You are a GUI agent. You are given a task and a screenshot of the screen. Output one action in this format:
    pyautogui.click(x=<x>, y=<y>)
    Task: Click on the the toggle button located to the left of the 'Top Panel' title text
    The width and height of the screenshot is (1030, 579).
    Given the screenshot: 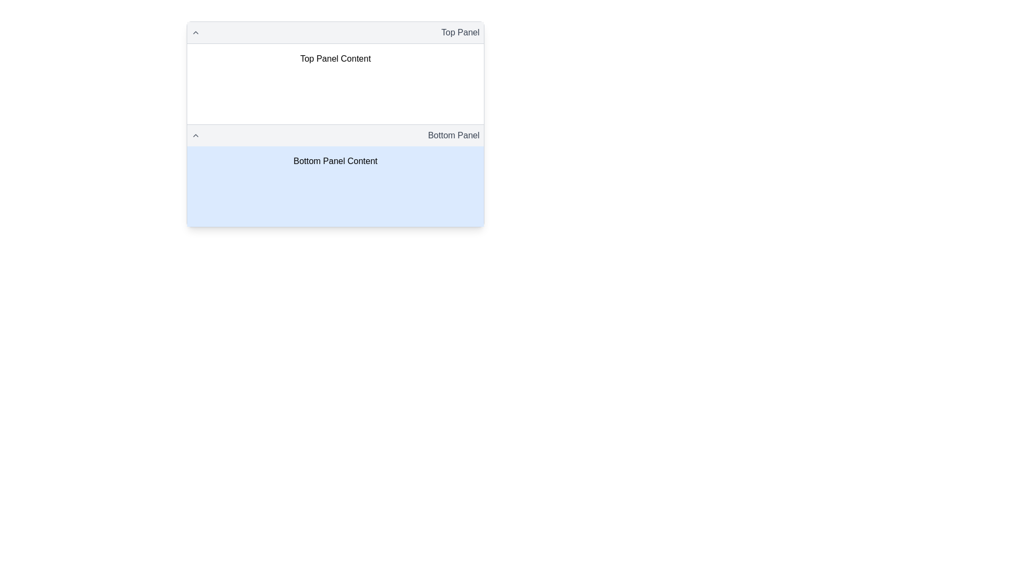 What is the action you would take?
    pyautogui.click(x=195, y=32)
    